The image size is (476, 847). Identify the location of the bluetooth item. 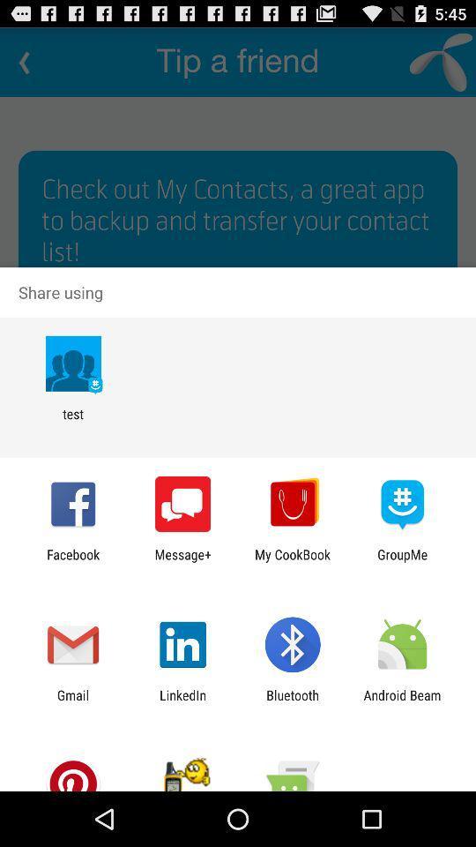
(293, 702).